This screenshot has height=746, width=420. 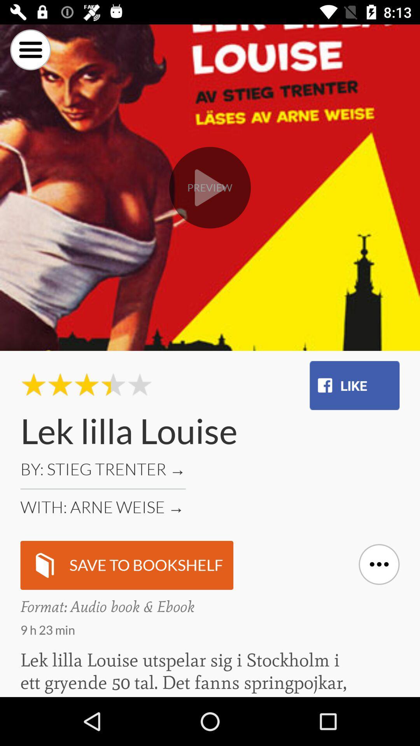 What do you see at coordinates (210, 188) in the screenshot?
I see `play button` at bounding box center [210, 188].